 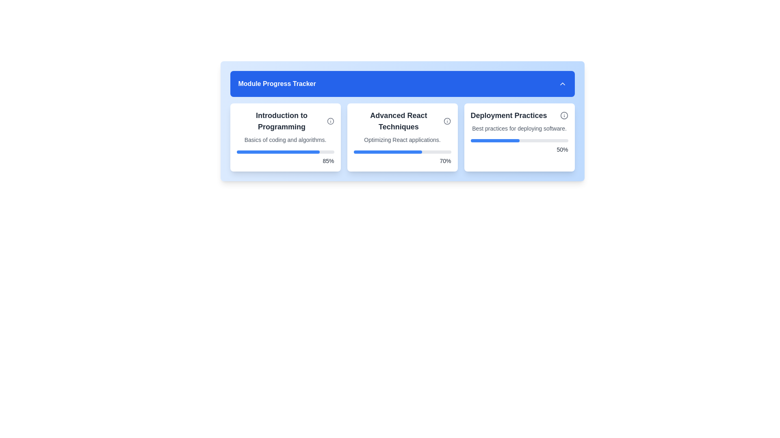 I want to click on the information icon with a thin circular border located in the top-right of the card labeled 'Advanced React Techniques', so click(x=447, y=121).